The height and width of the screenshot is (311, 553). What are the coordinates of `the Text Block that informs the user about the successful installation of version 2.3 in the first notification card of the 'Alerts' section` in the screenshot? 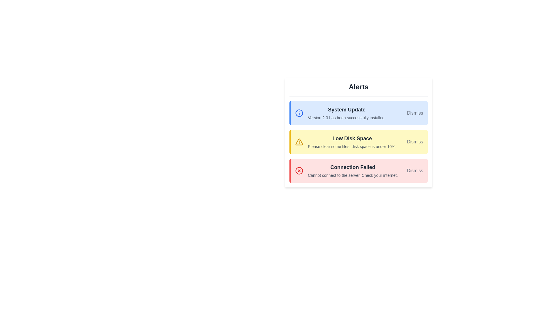 It's located at (346, 113).